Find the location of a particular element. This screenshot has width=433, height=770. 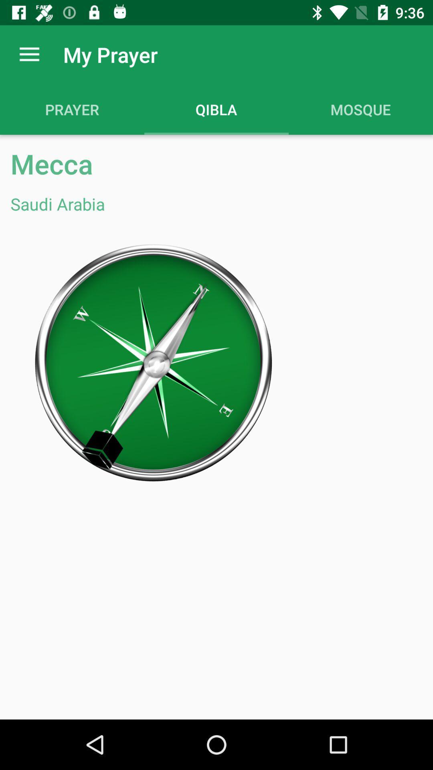

the app next to the my prayer app is located at coordinates (29, 54).